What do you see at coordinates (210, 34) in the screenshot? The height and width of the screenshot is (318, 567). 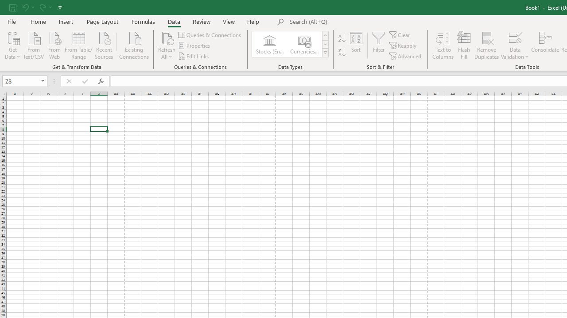 I see `'Queries & Connections'` at bounding box center [210, 34].